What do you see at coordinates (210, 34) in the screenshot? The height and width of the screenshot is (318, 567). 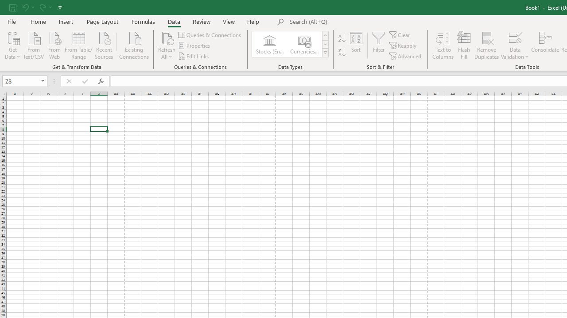 I see `'Queries & Connections'` at bounding box center [210, 34].